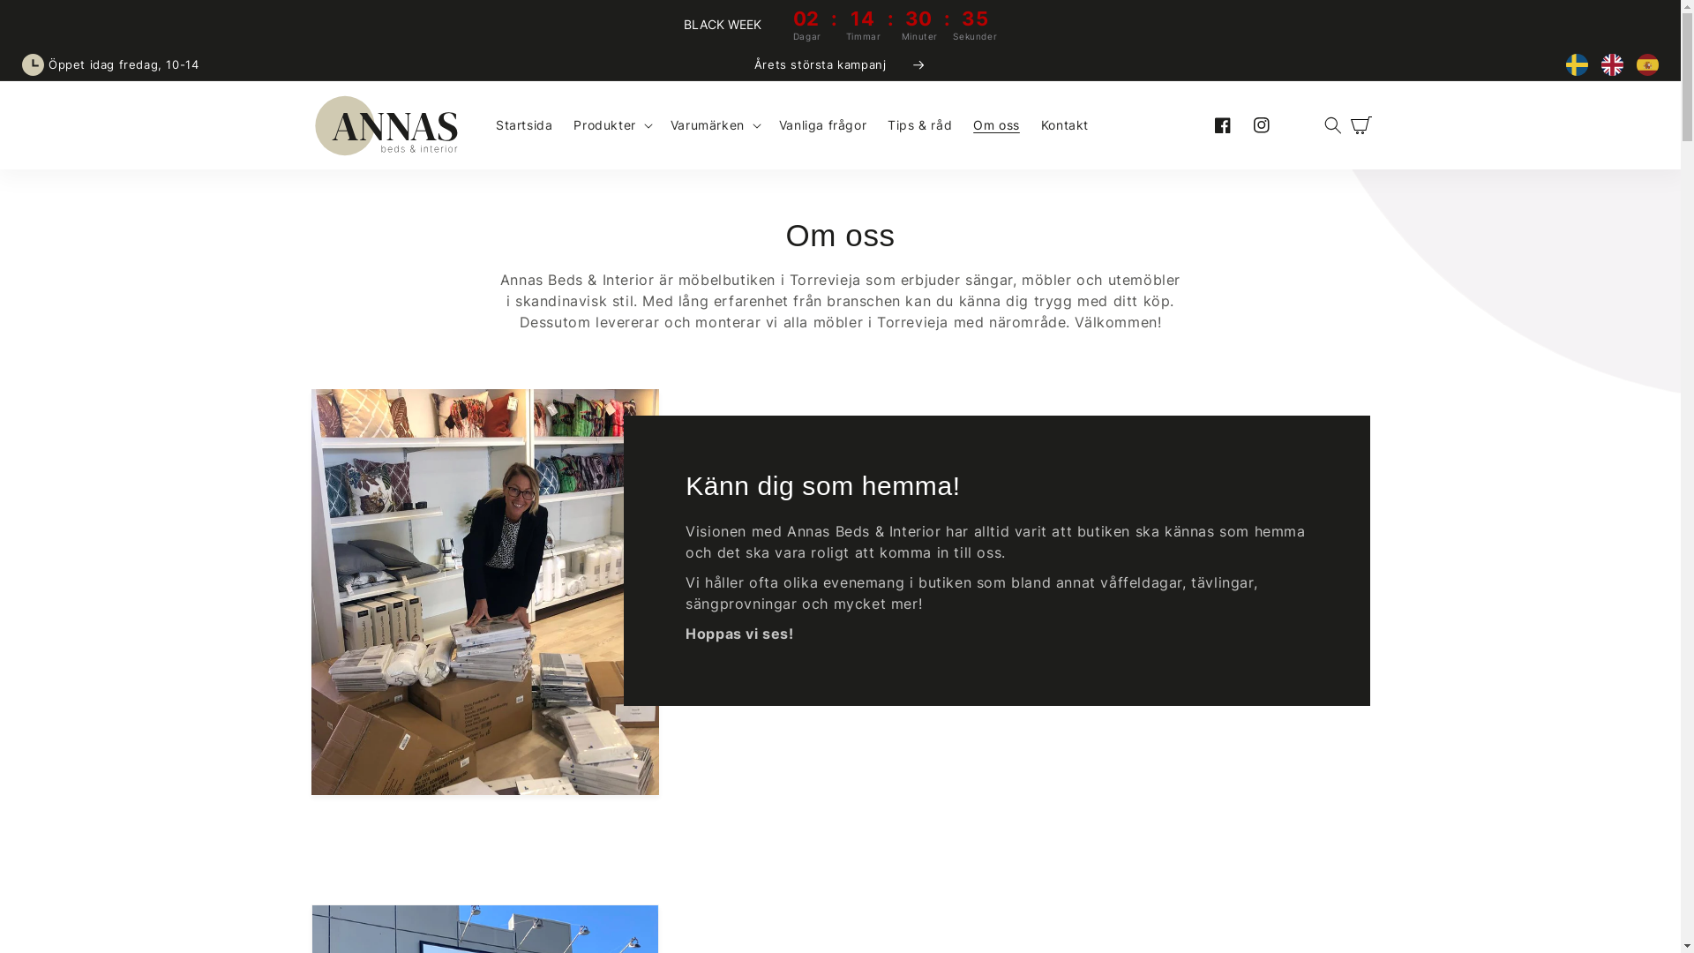  What do you see at coordinates (485, 124) in the screenshot?
I see `'Startsida'` at bounding box center [485, 124].